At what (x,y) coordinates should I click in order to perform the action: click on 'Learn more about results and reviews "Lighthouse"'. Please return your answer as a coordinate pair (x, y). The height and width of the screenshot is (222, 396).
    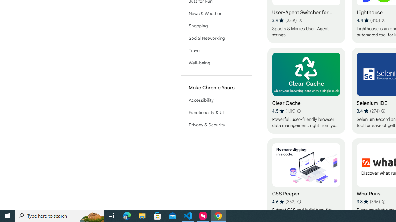
    Looking at the image, I should click on (383, 20).